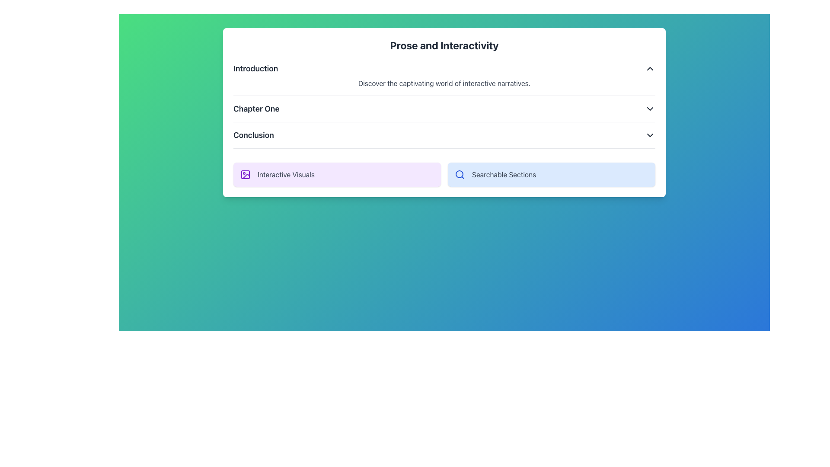 The height and width of the screenshot is (467, 830). I want to click on the text element reading 'Discover the captivating world of interactive narratives.' which is styled with a gray font color and positioned directly below the 'Introduction' label, so click(444, 83).